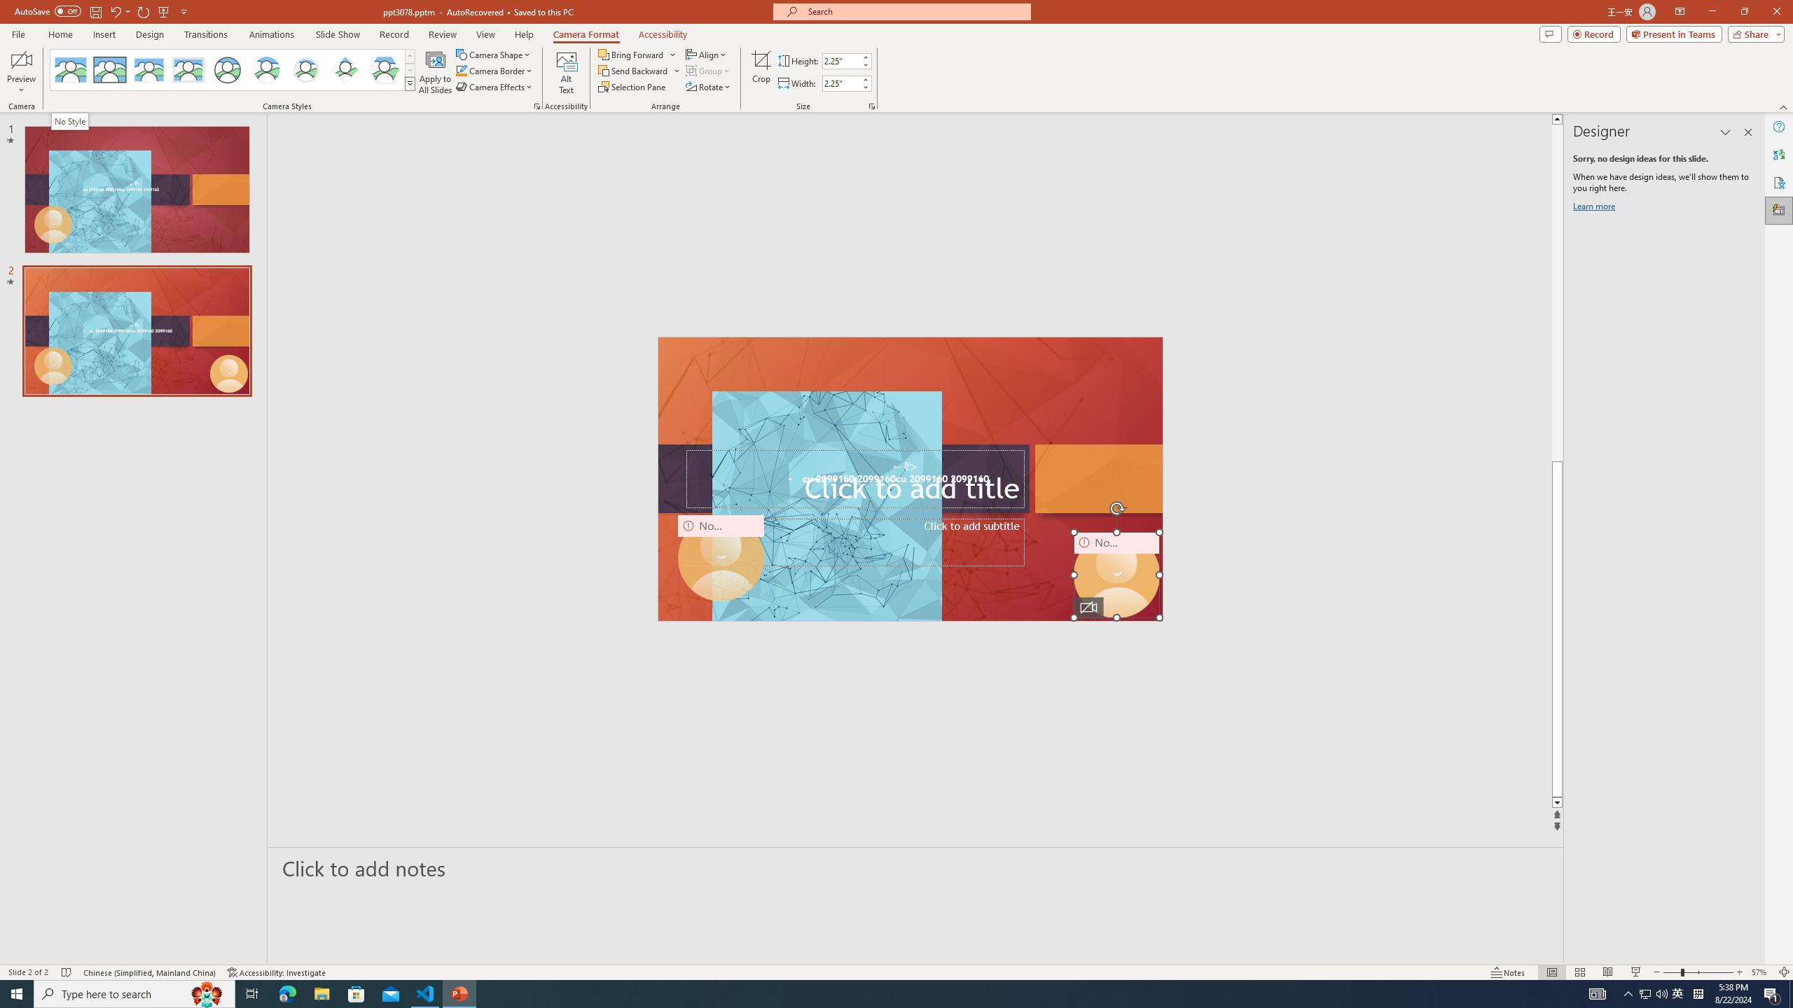 Image resolution: width=1793 pixels, height=1008 pixels. What do you see at coordinates (904, 466) in the screenshot?
I see `'TextBox 7'` at bounding box center [904, 466].